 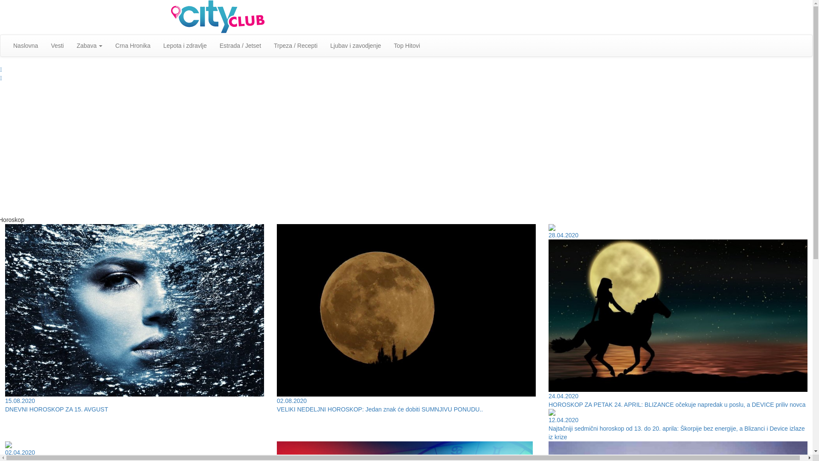 I want to click on 'Crna Hronika', so click(x=132, y=46).